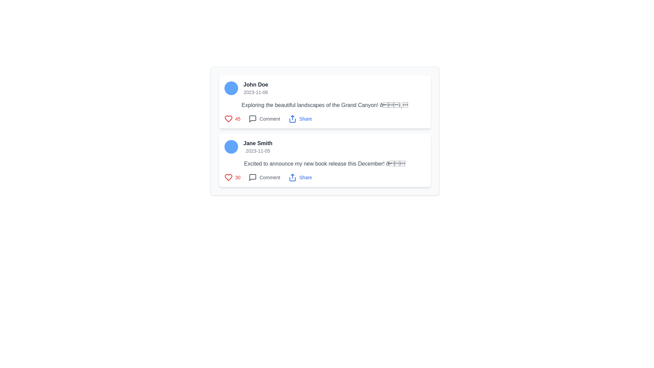 The width and height of the screenshot is (654, 368). I want to click on properties of the composite element displaying user metadata, which includes a profile picture, heading, and subheading, located at the top of the white card, so click(324, 88).